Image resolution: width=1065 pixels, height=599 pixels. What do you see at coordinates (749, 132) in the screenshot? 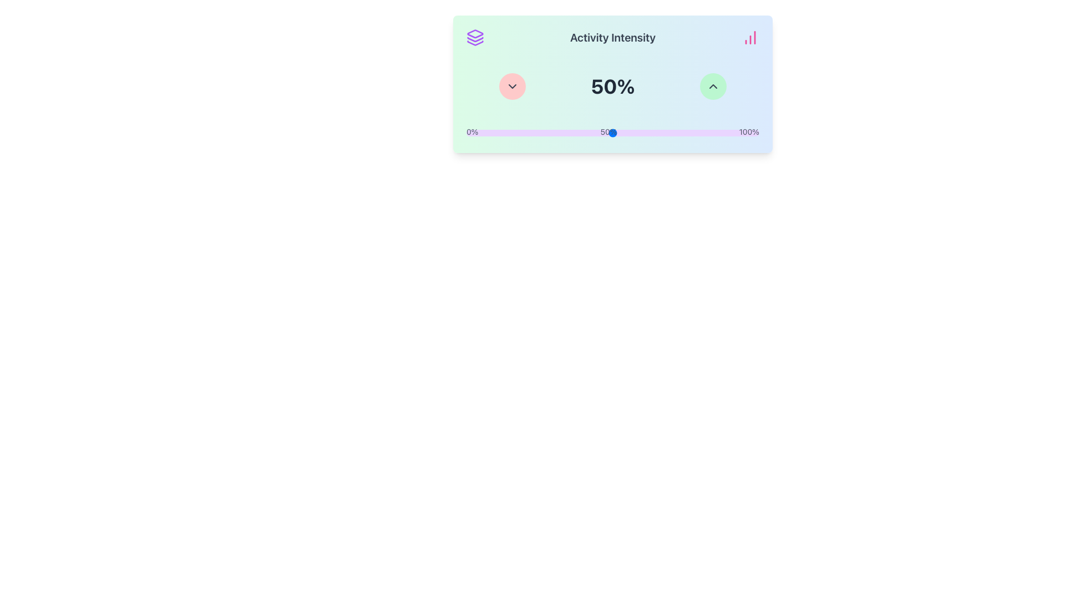
I see `text from the Text Label displaying '100%' which is located at the far right end of the slider component` at bounding box center [749, 132].